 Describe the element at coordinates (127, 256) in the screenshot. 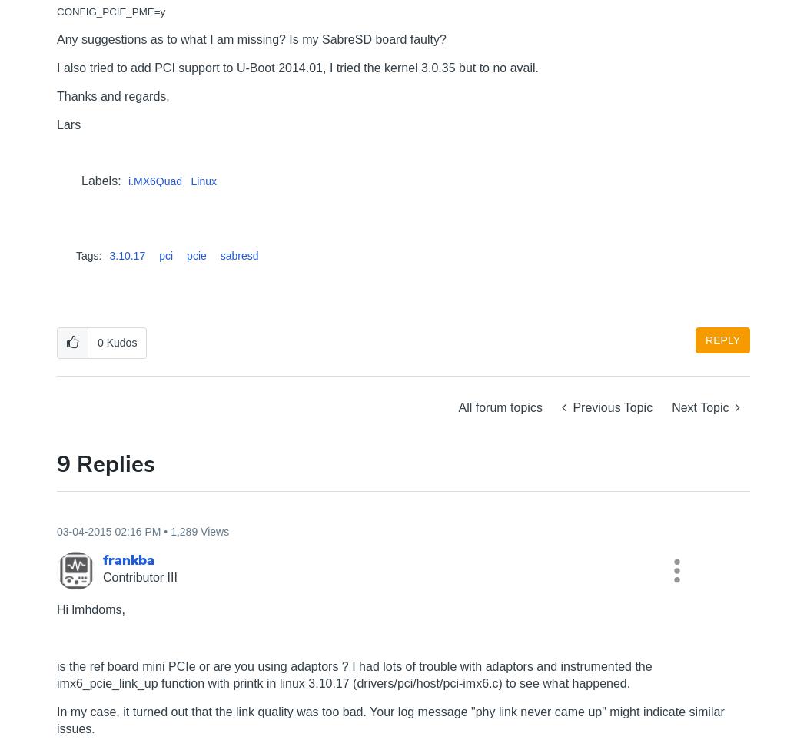

I see `'3.10.17'` at that location.